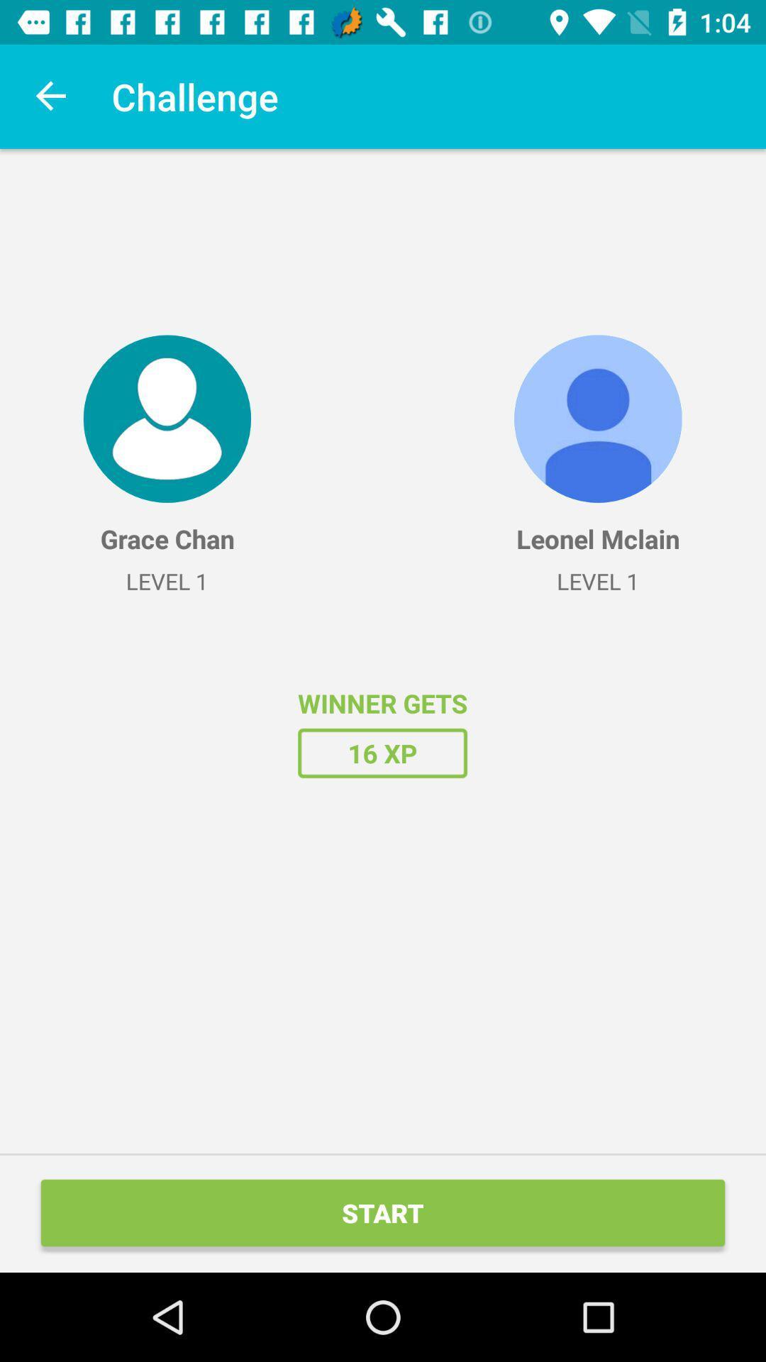 This screenshot has width=766, height=1362. Describe the element at coordinates (598, 418) in the screenshot. I see `the item at the top right corner` at that location.